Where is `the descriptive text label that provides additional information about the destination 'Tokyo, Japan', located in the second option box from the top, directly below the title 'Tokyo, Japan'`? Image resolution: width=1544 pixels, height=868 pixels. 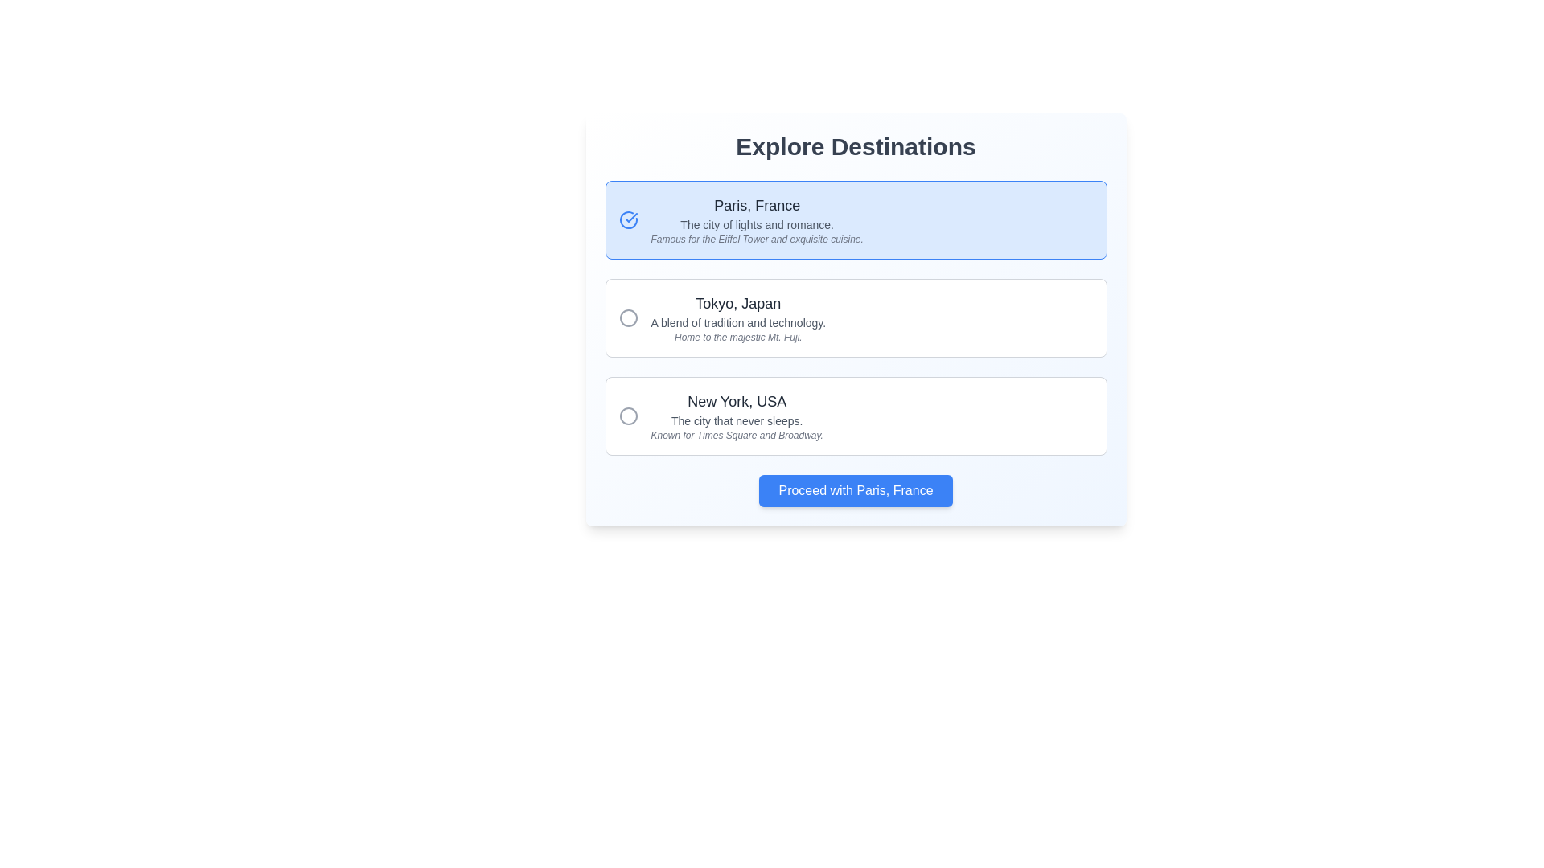 the descriptive text label that provides additional information about the destination 'Tokyo, Japan', located in the second option box from the top, directly below the title 'Tokyo, Japan' is located at coordinates (737, 322).